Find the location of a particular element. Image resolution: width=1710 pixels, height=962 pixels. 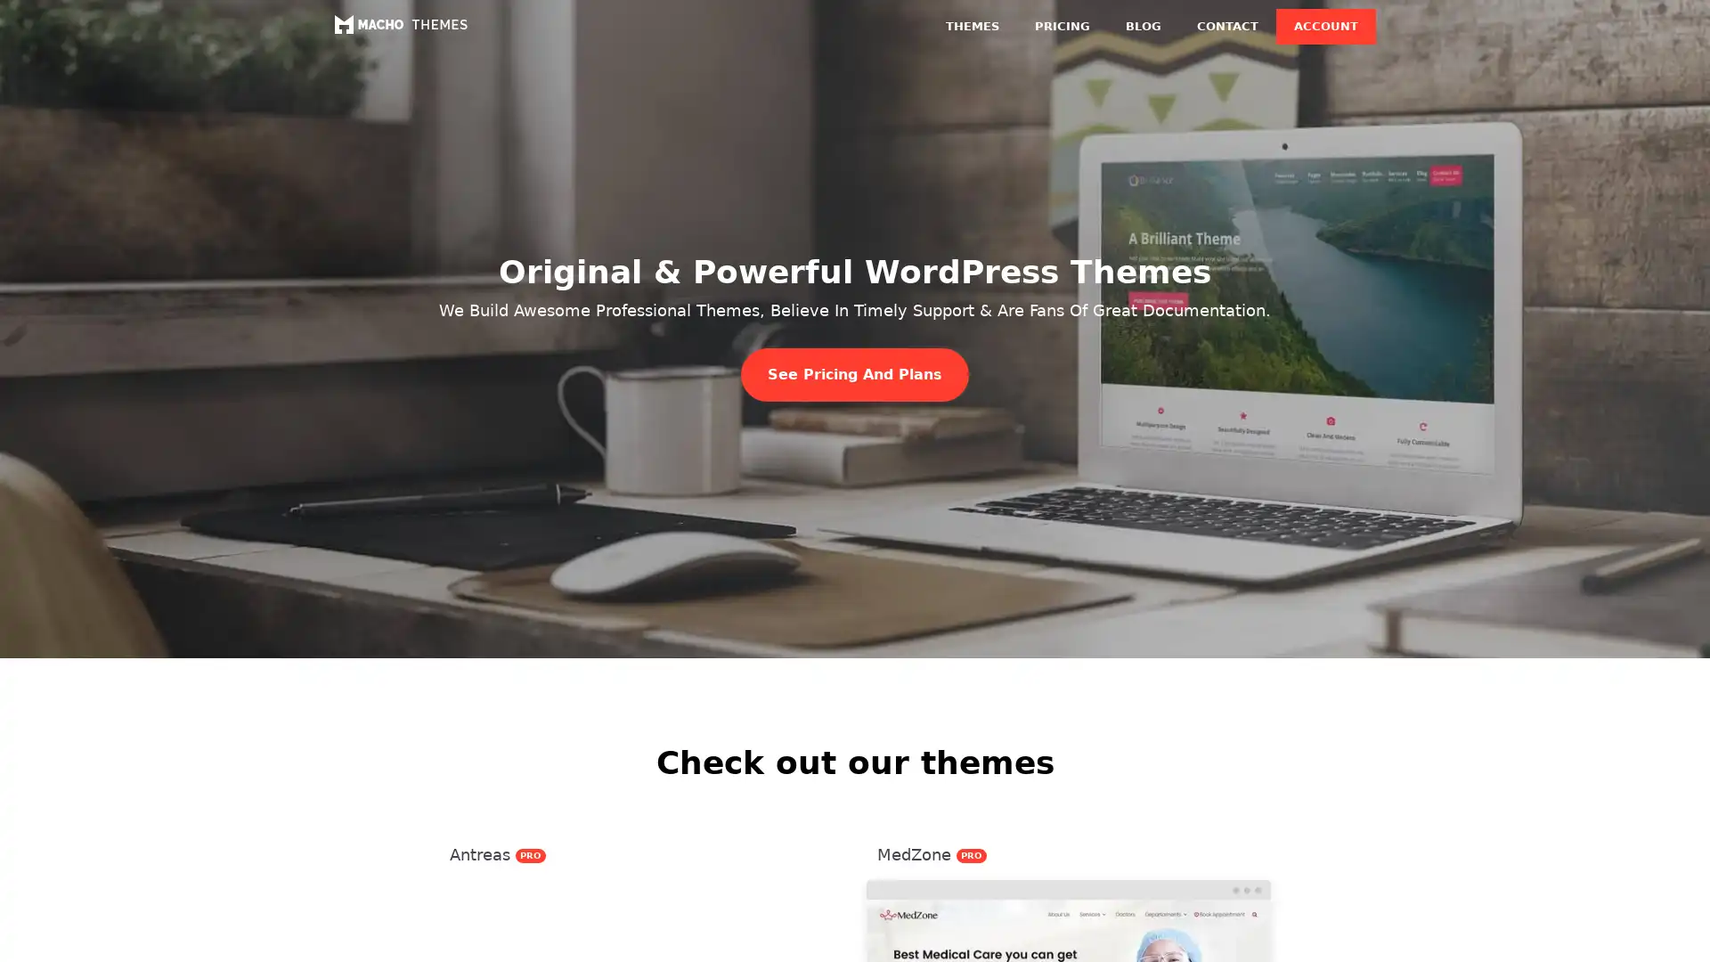

See Pricing And Plans is located at coordinates (855, 373).